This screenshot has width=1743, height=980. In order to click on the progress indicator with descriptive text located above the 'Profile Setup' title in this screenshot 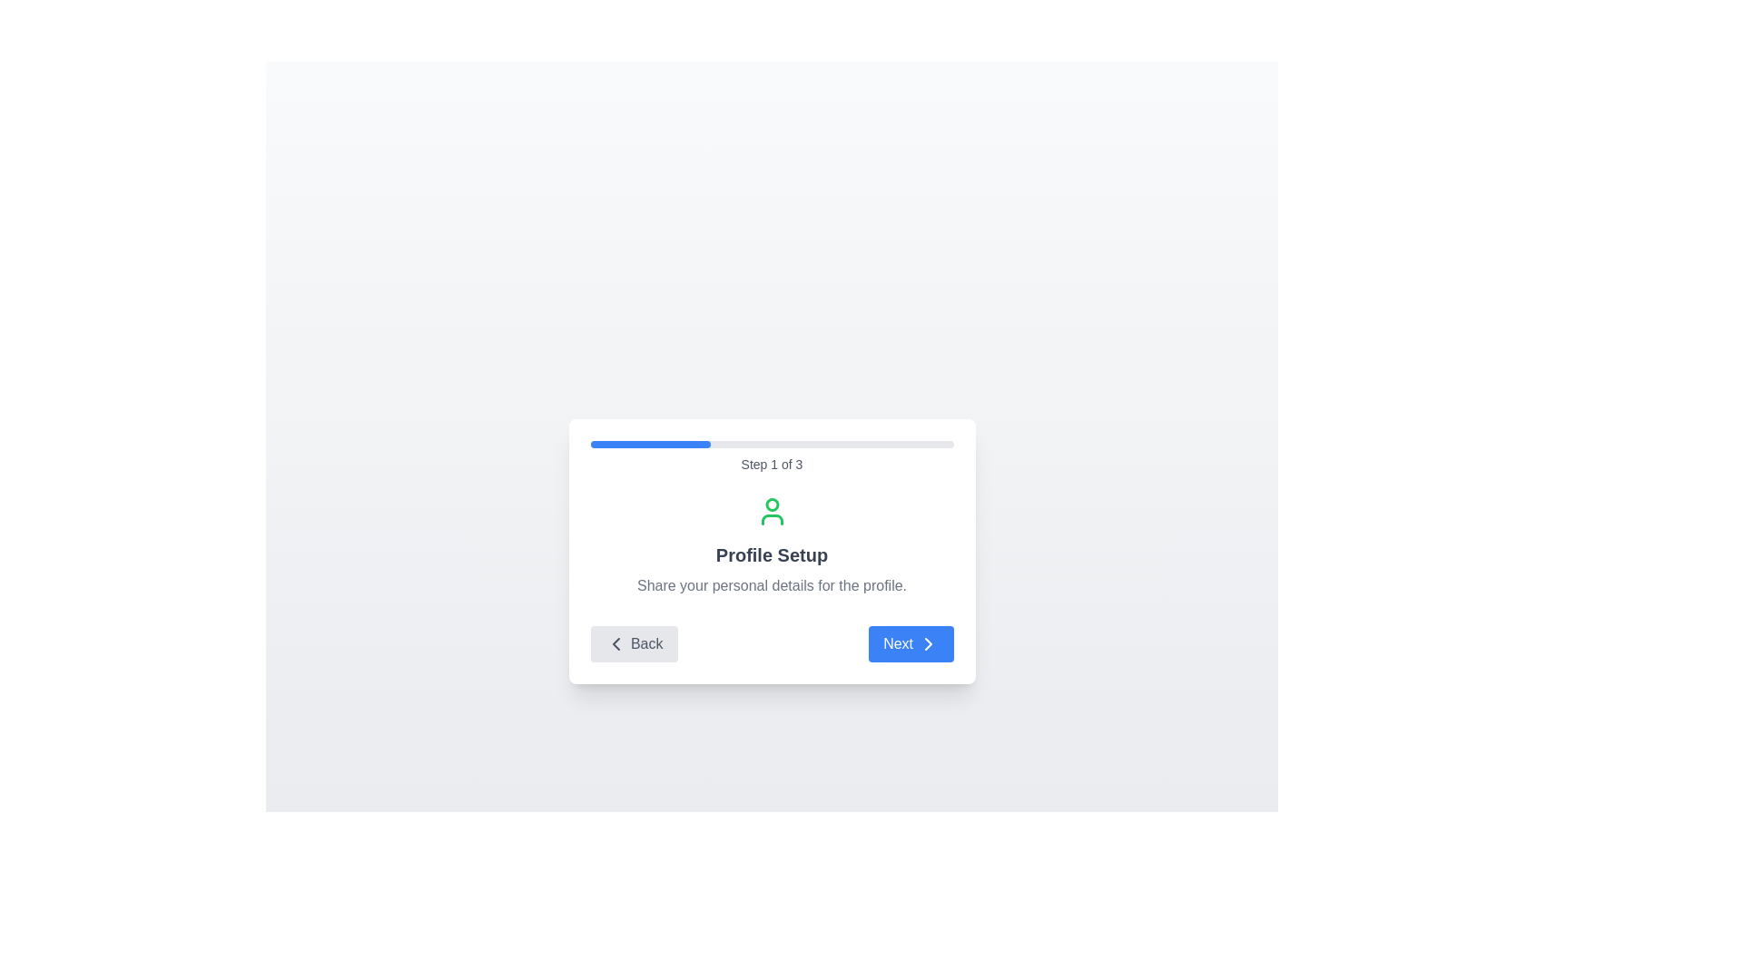, I will do `click(772, 456)`.